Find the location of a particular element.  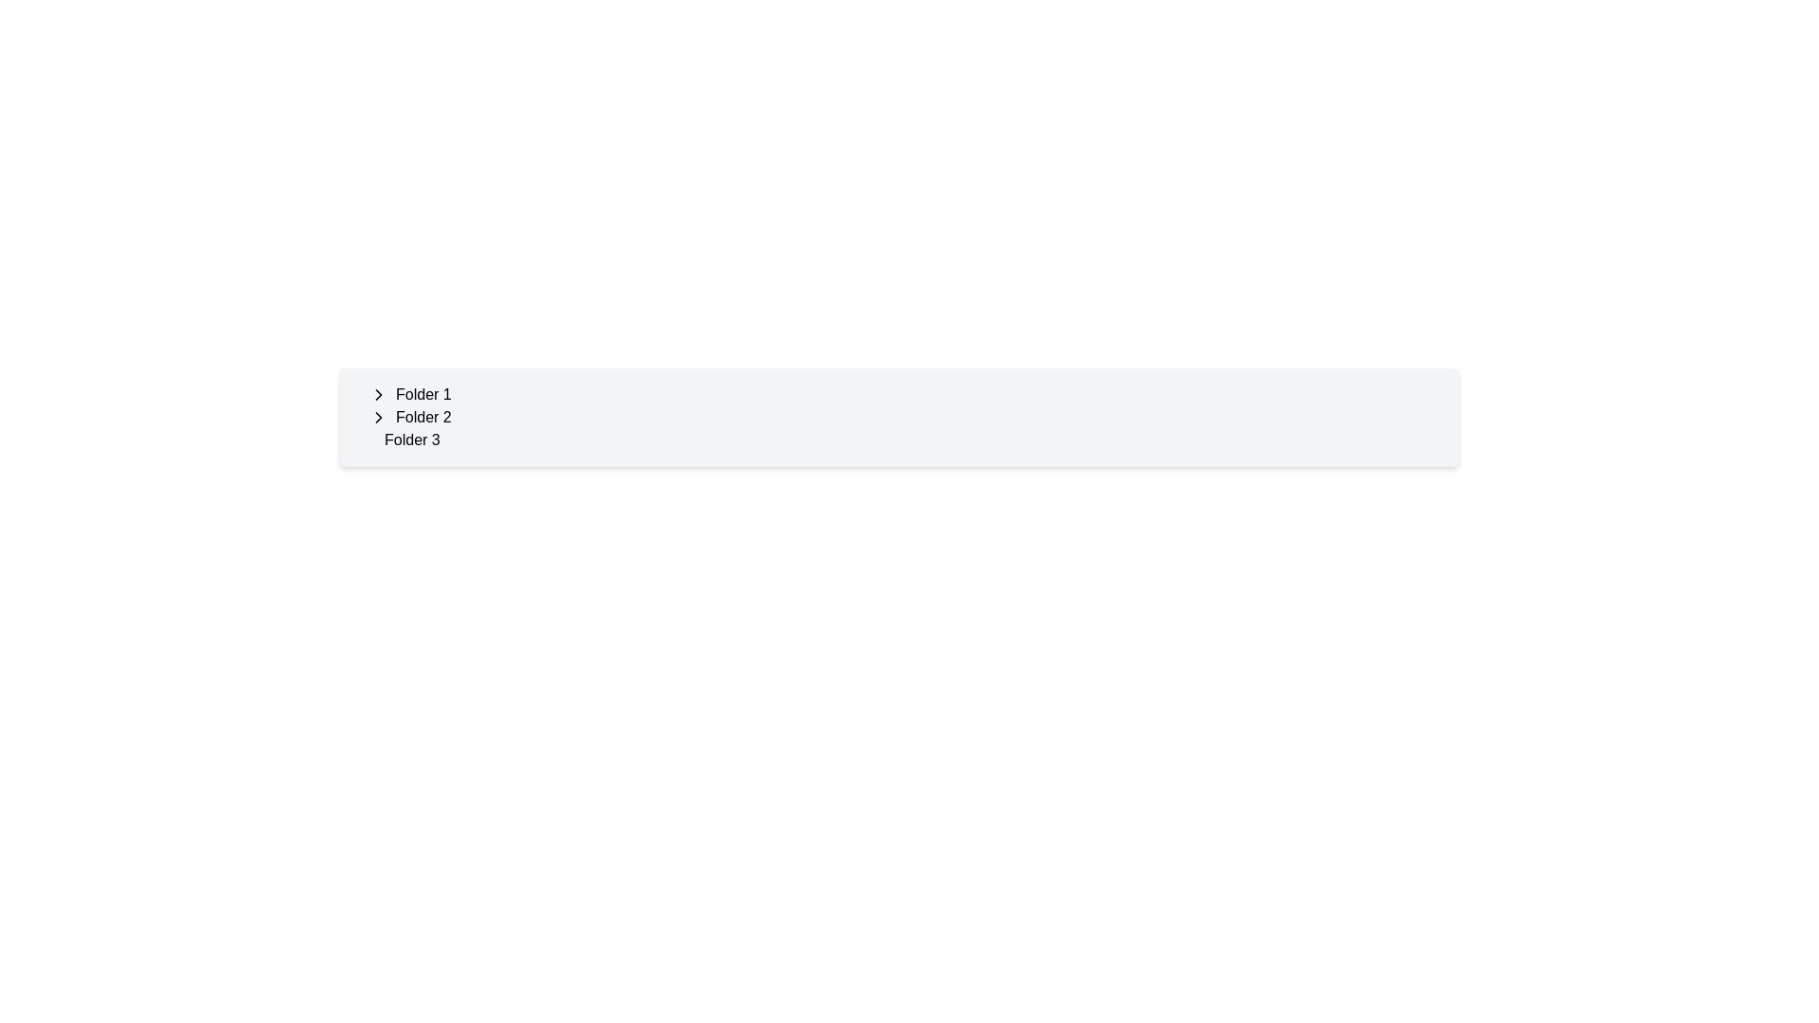

the 'Folder 2' text label is located at coordinates (422, 416).